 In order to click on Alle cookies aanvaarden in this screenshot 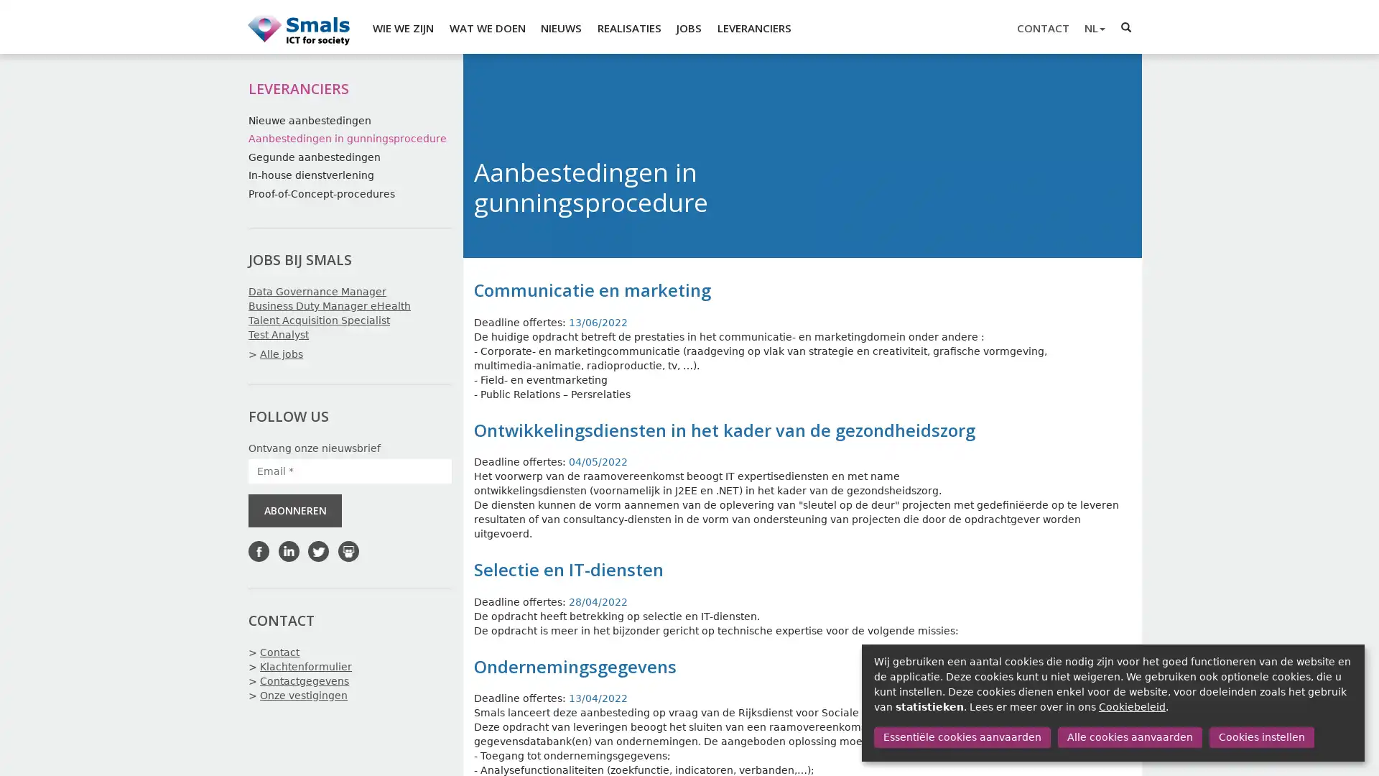, I will do `click(1128, 737)`.